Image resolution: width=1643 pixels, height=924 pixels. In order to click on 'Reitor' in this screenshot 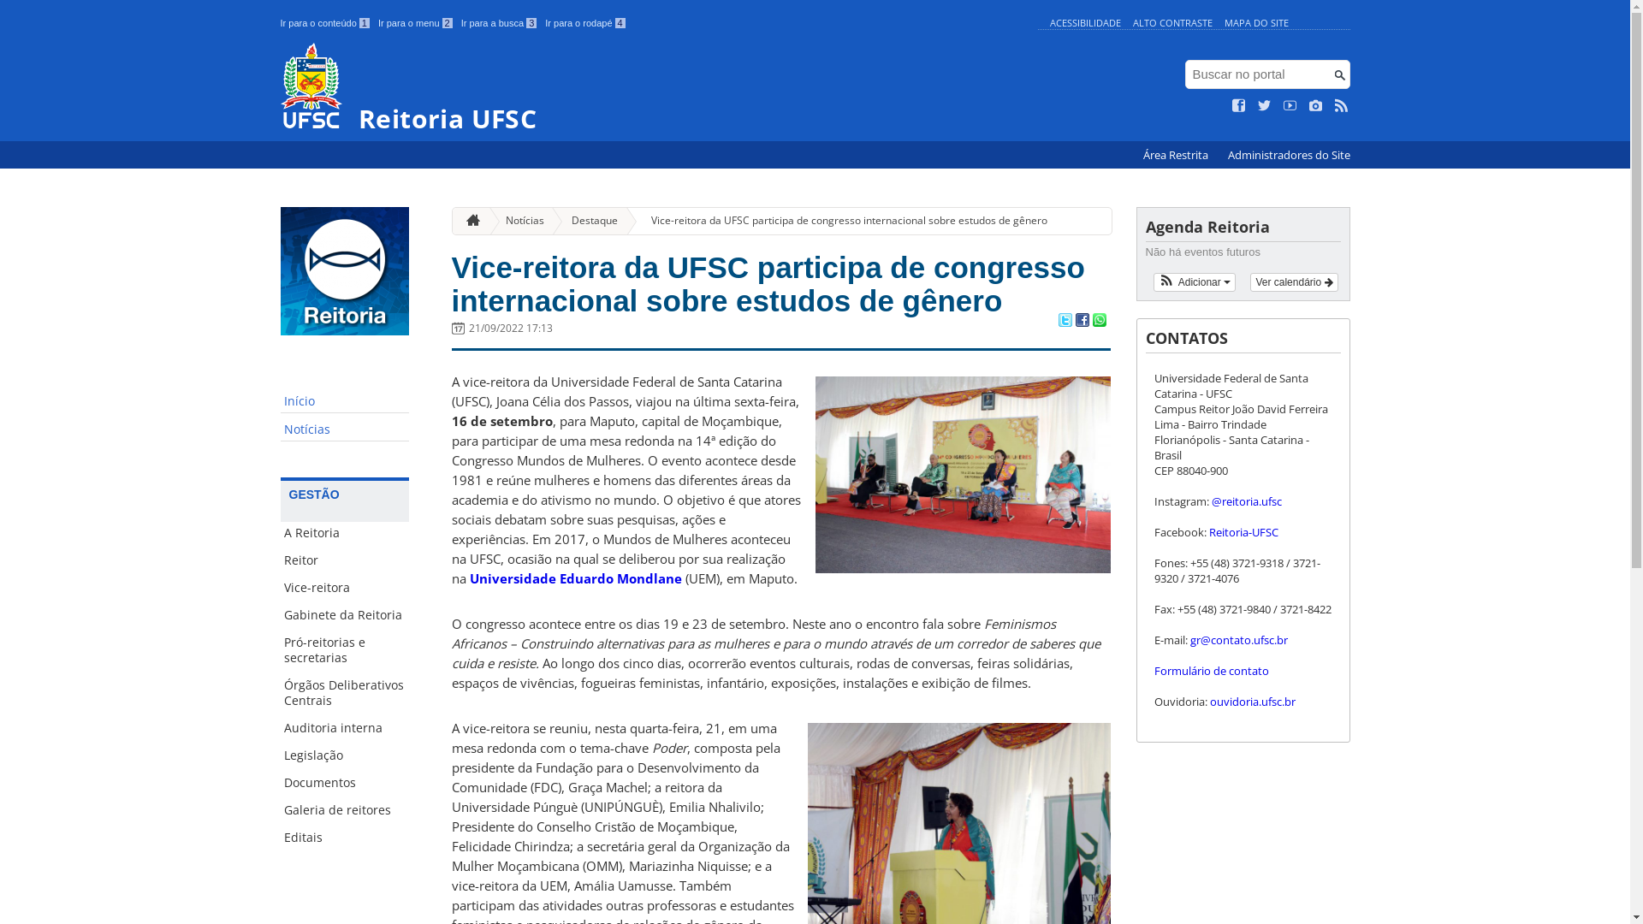, I will do `click(344, 560)`.